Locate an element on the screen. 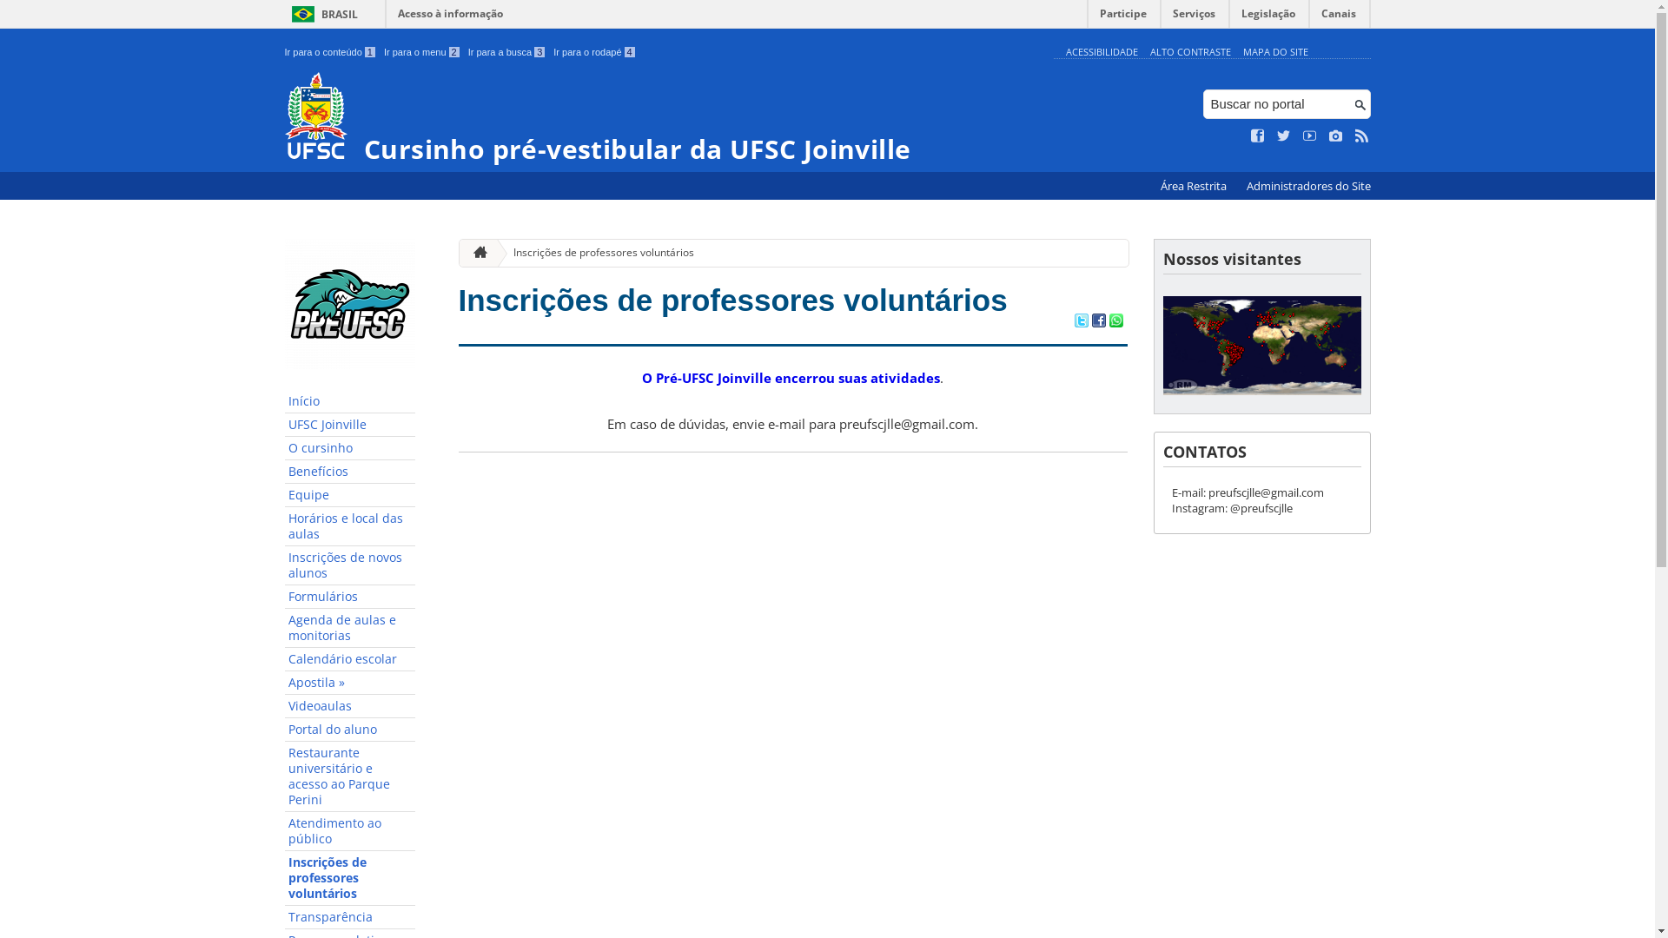  'BRASIL' is located at coordinates (321, 14).